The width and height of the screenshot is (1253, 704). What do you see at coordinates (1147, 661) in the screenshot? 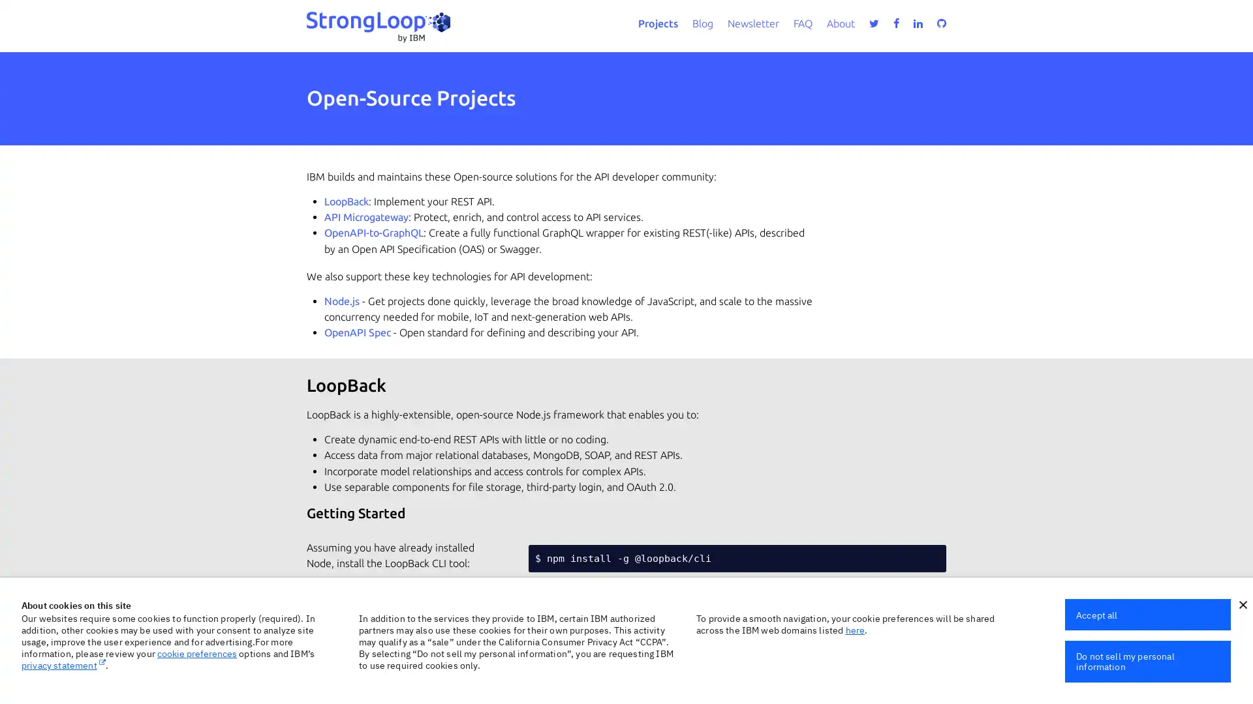
I see `Do not sell my personal information` at bounding box center [1147, 661].